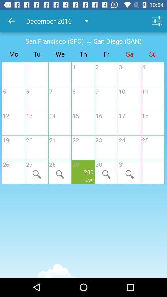 This screenshot has height=297, width=167. I want to click on the item above san francisco sfo, so click(11, 21).